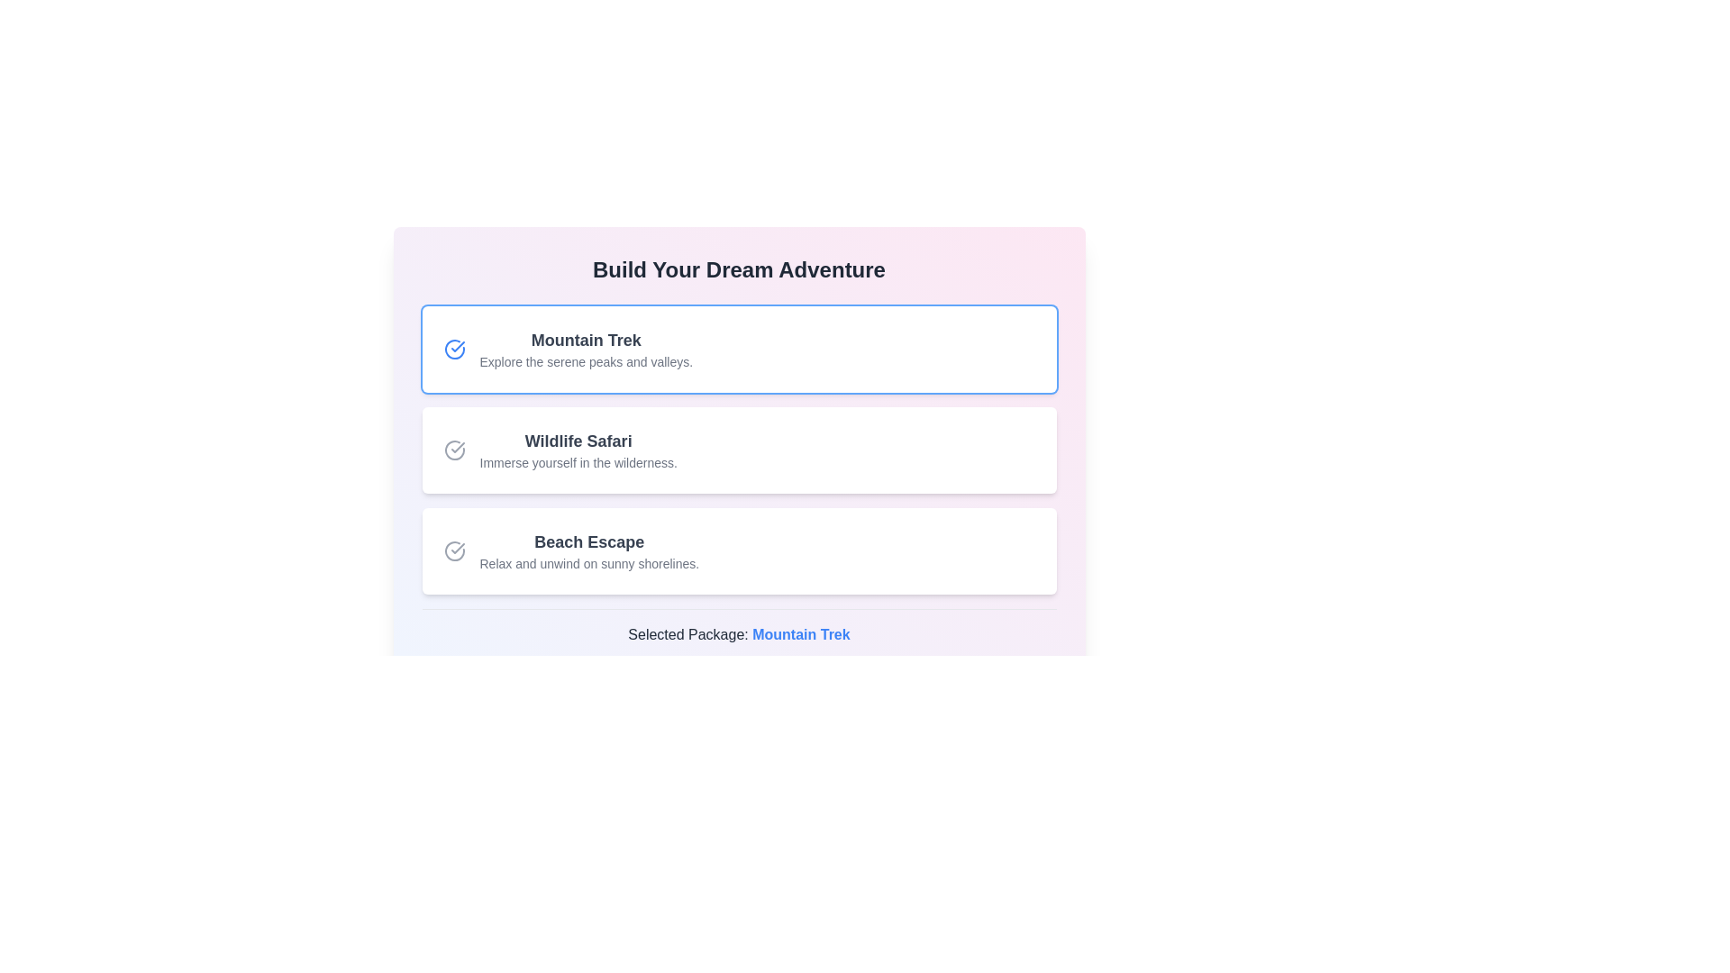 The height and width of the screenshot is (973, 1730). Describe the element at coordinates (589, 550) in the screenshot. I see `the text description element that displays 'Beach Escape' and 'Relax and unwind on sunny shorelines', located in the third selectable option of the list` at that location.